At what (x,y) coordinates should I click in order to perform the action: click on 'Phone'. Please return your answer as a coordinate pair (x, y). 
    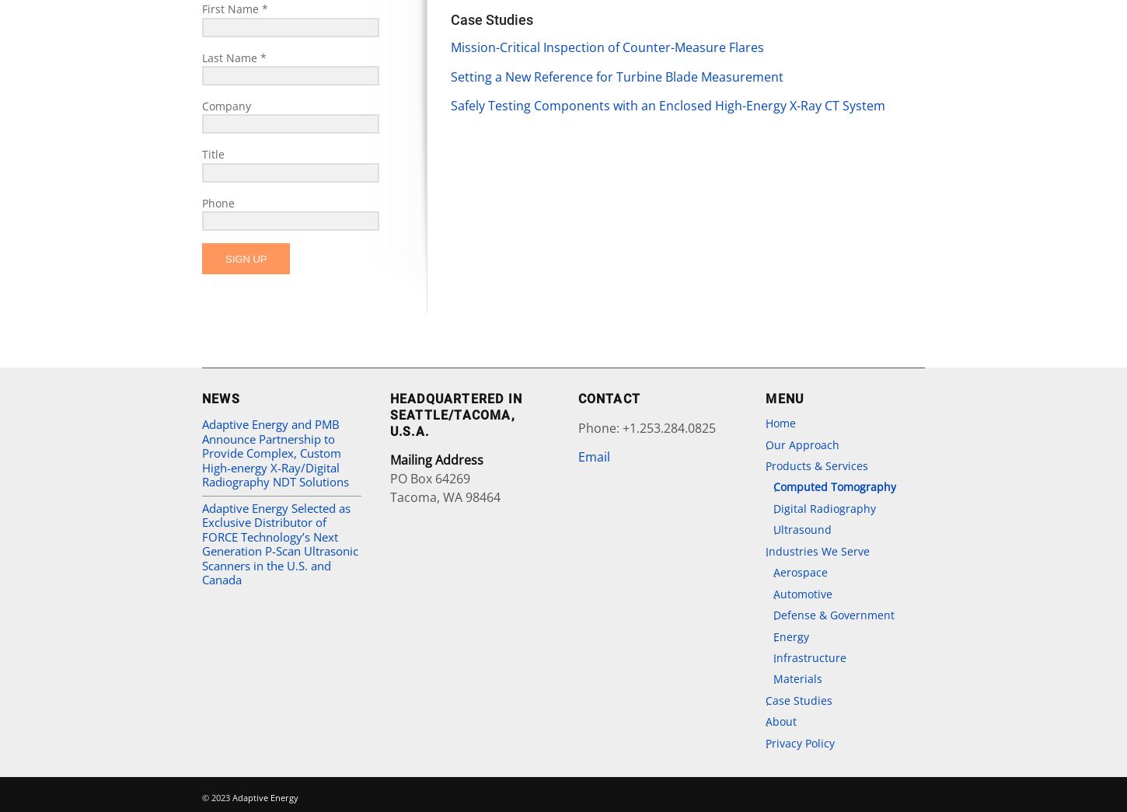
    Looking at the image, I should click on (218, 201).